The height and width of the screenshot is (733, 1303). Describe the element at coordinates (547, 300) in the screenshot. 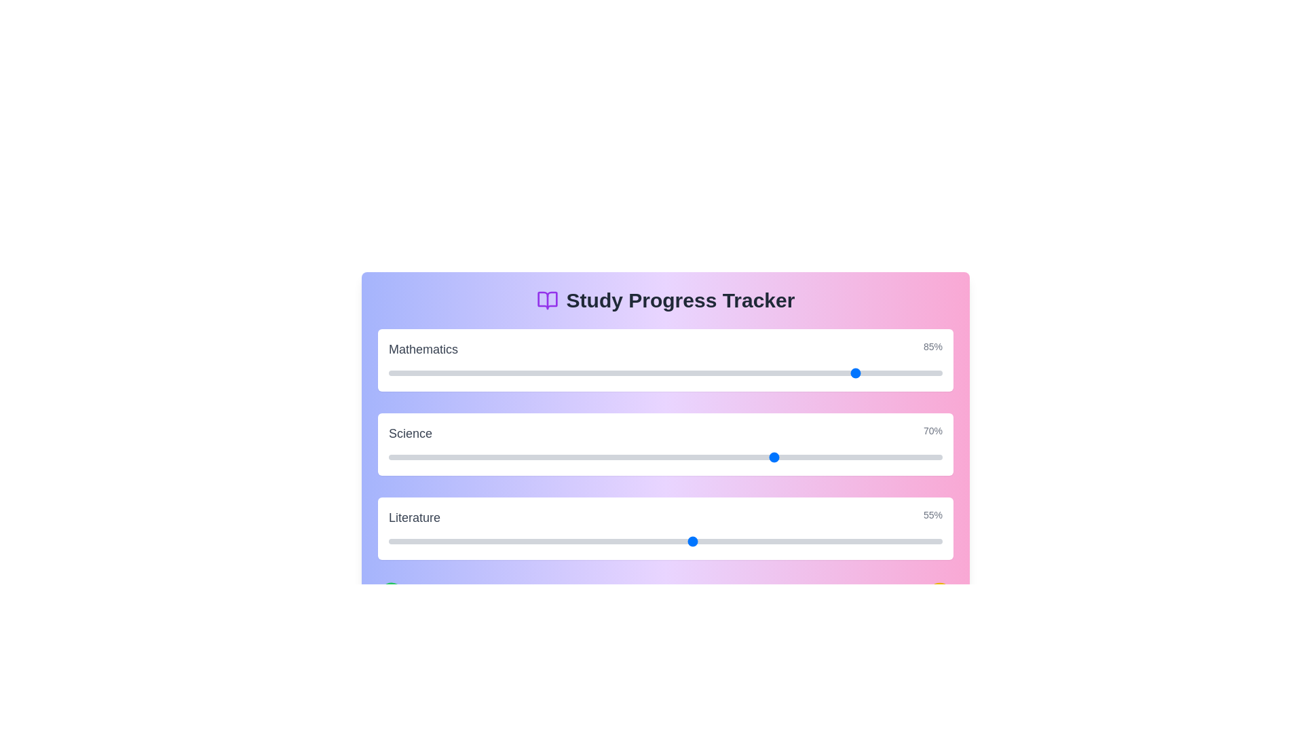

I see `the 'BookOpen' icon next to the title` at that location.